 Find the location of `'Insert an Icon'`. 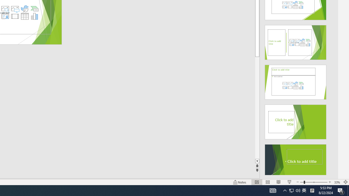

'Insert an Icon' is located at coordinates (25, 9).